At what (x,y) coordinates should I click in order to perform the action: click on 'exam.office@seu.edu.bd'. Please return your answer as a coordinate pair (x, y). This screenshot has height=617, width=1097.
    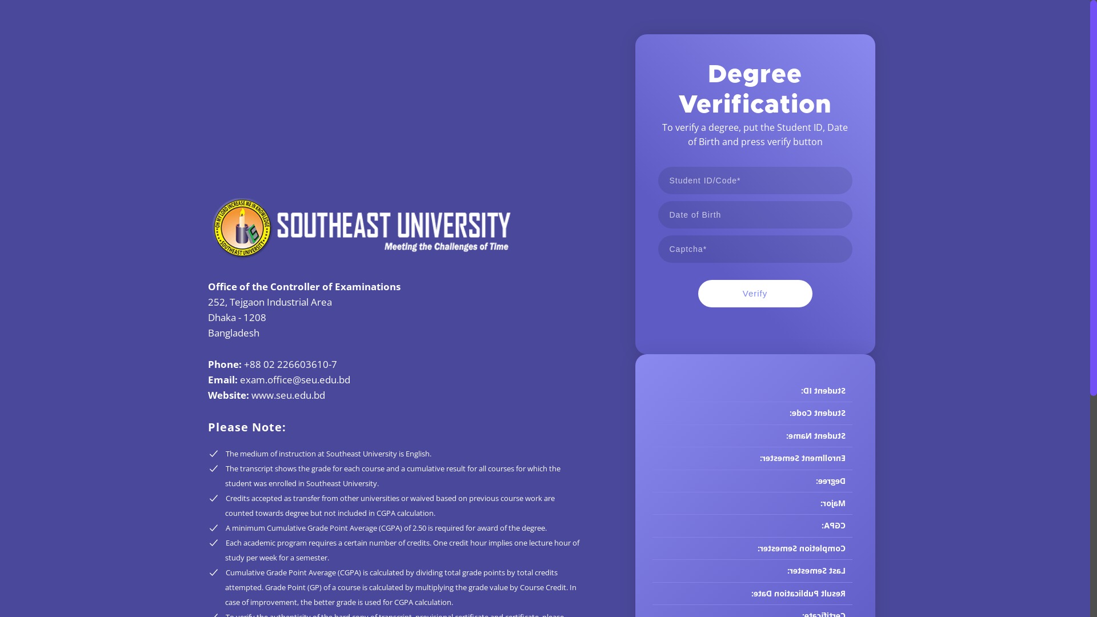
    Looking at the image, I should click on (295, 379).